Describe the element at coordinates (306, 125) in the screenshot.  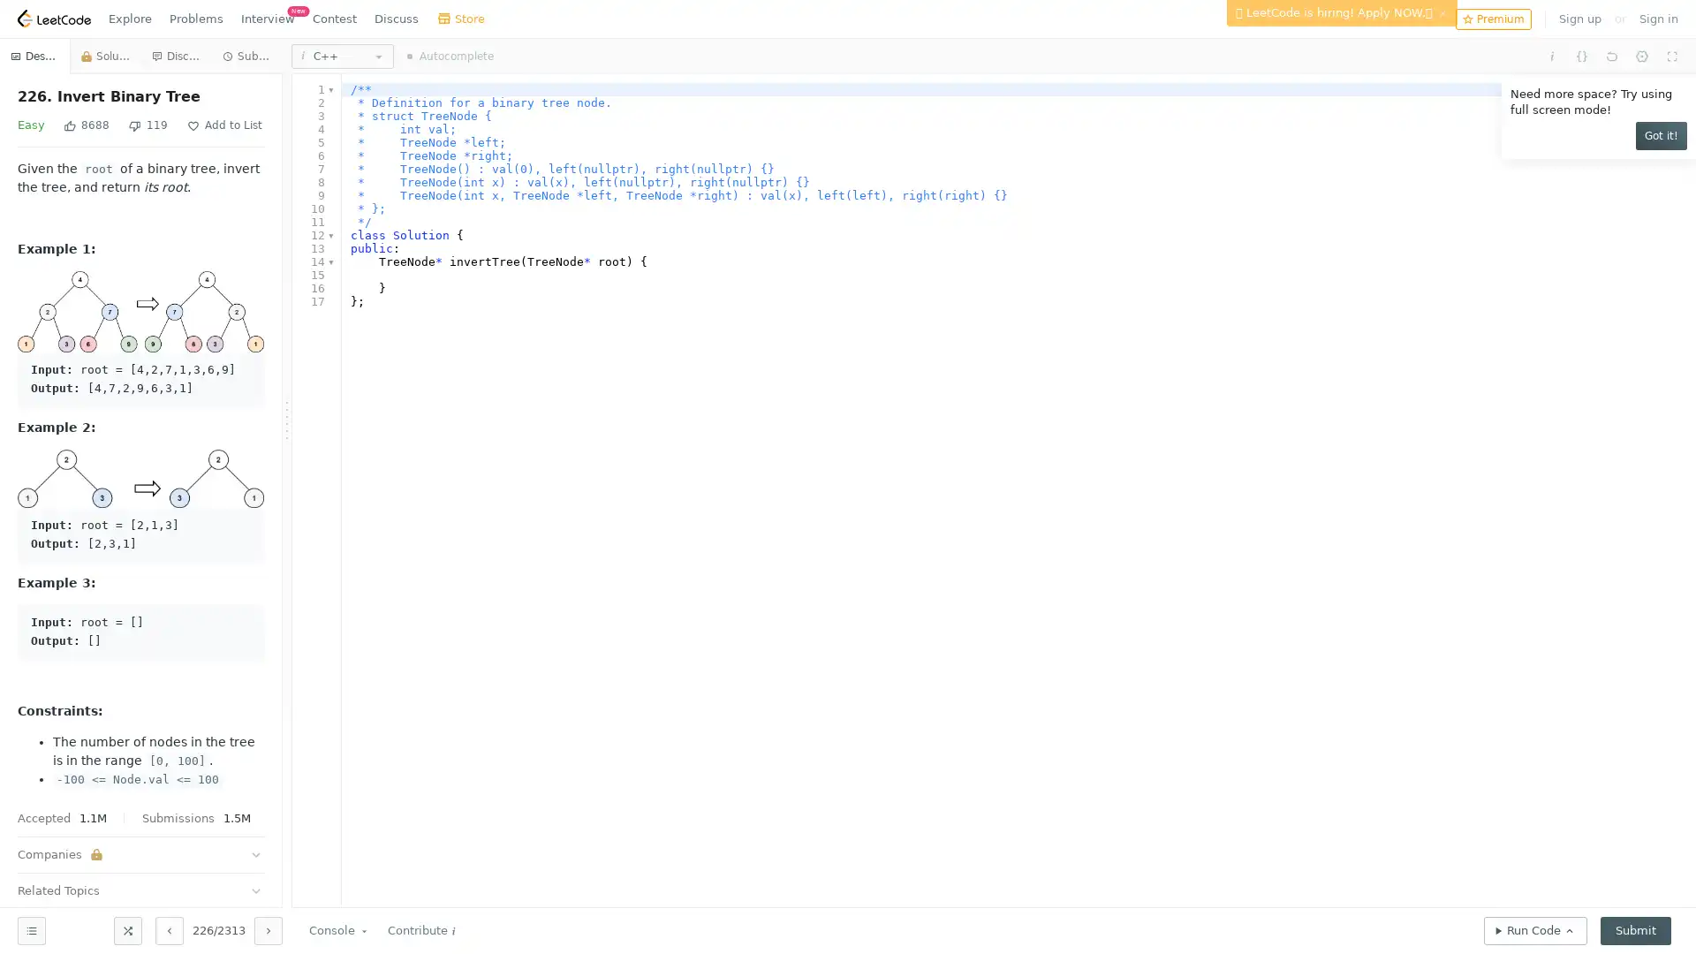
I see `Share` at that location.